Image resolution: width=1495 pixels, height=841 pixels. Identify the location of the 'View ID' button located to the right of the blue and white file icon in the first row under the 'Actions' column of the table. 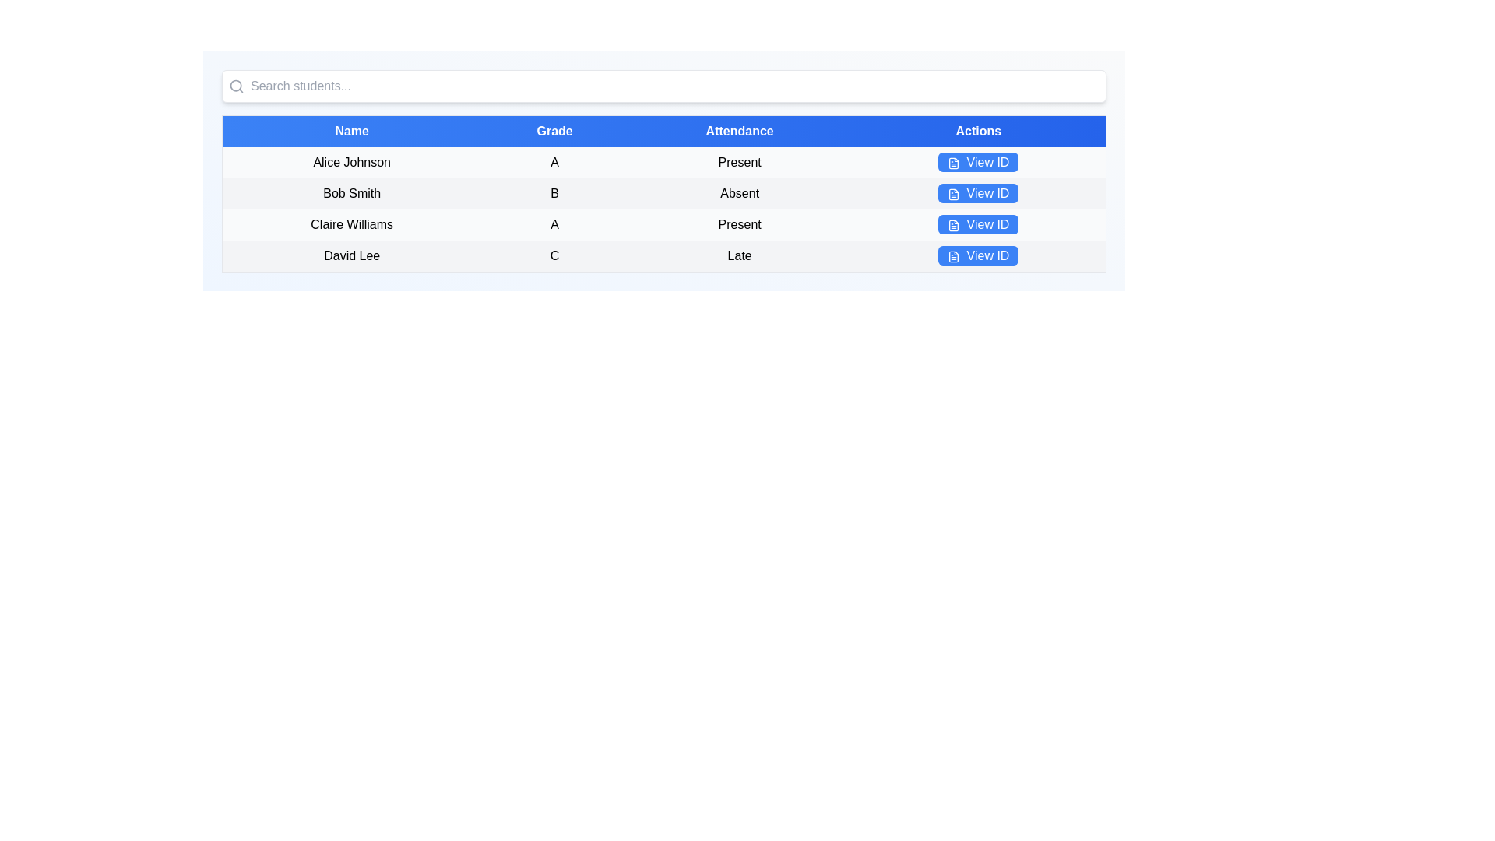
(953, 163).